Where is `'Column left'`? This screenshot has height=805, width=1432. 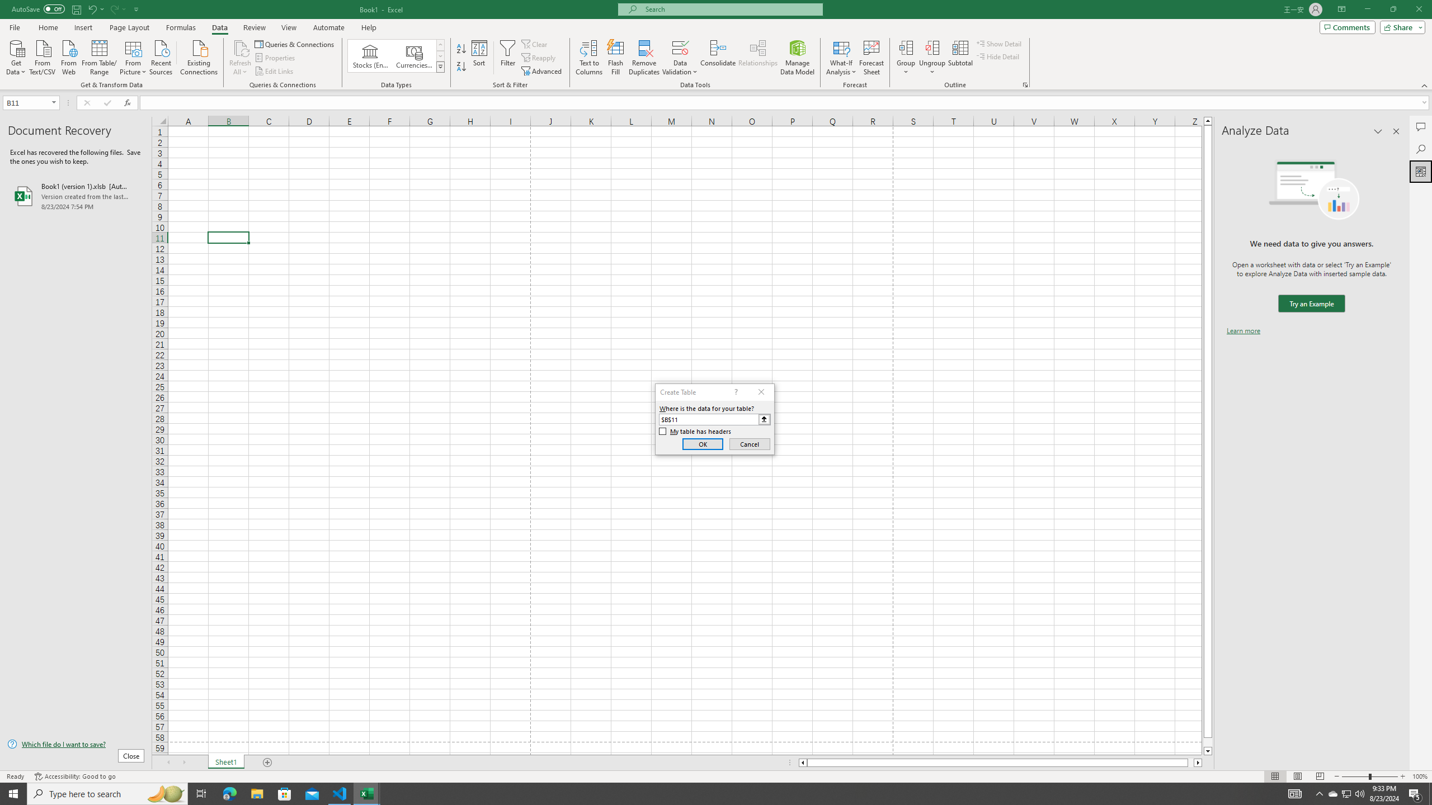
'Column left' is located at coordinates (802, 762).